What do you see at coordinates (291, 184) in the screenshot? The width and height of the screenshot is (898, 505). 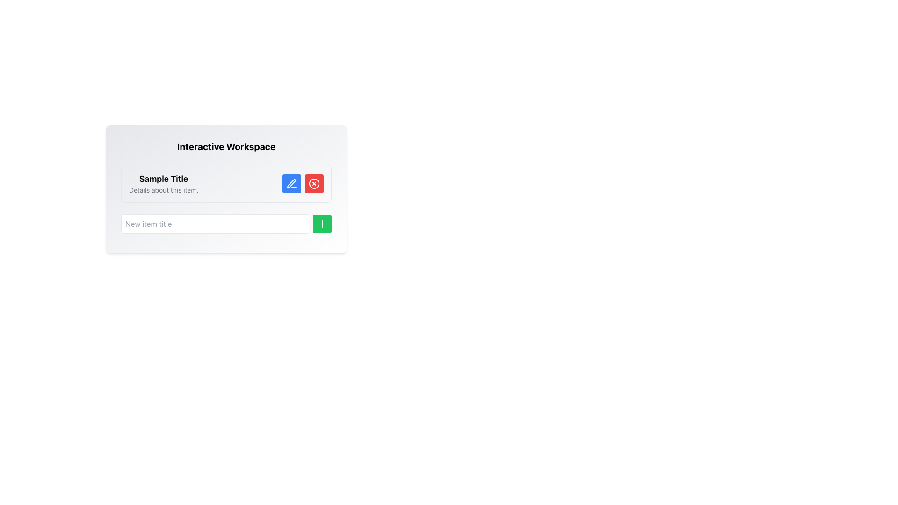 I see `the edit button located in the top-right of the panel under the header 'Interactive Workspace'` at bounding box center [291, 184].